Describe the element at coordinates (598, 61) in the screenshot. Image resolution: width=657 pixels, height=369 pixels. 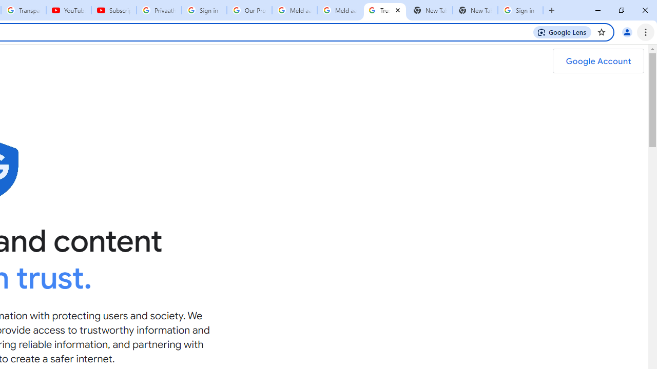
I see `'Google Account'` at that location.